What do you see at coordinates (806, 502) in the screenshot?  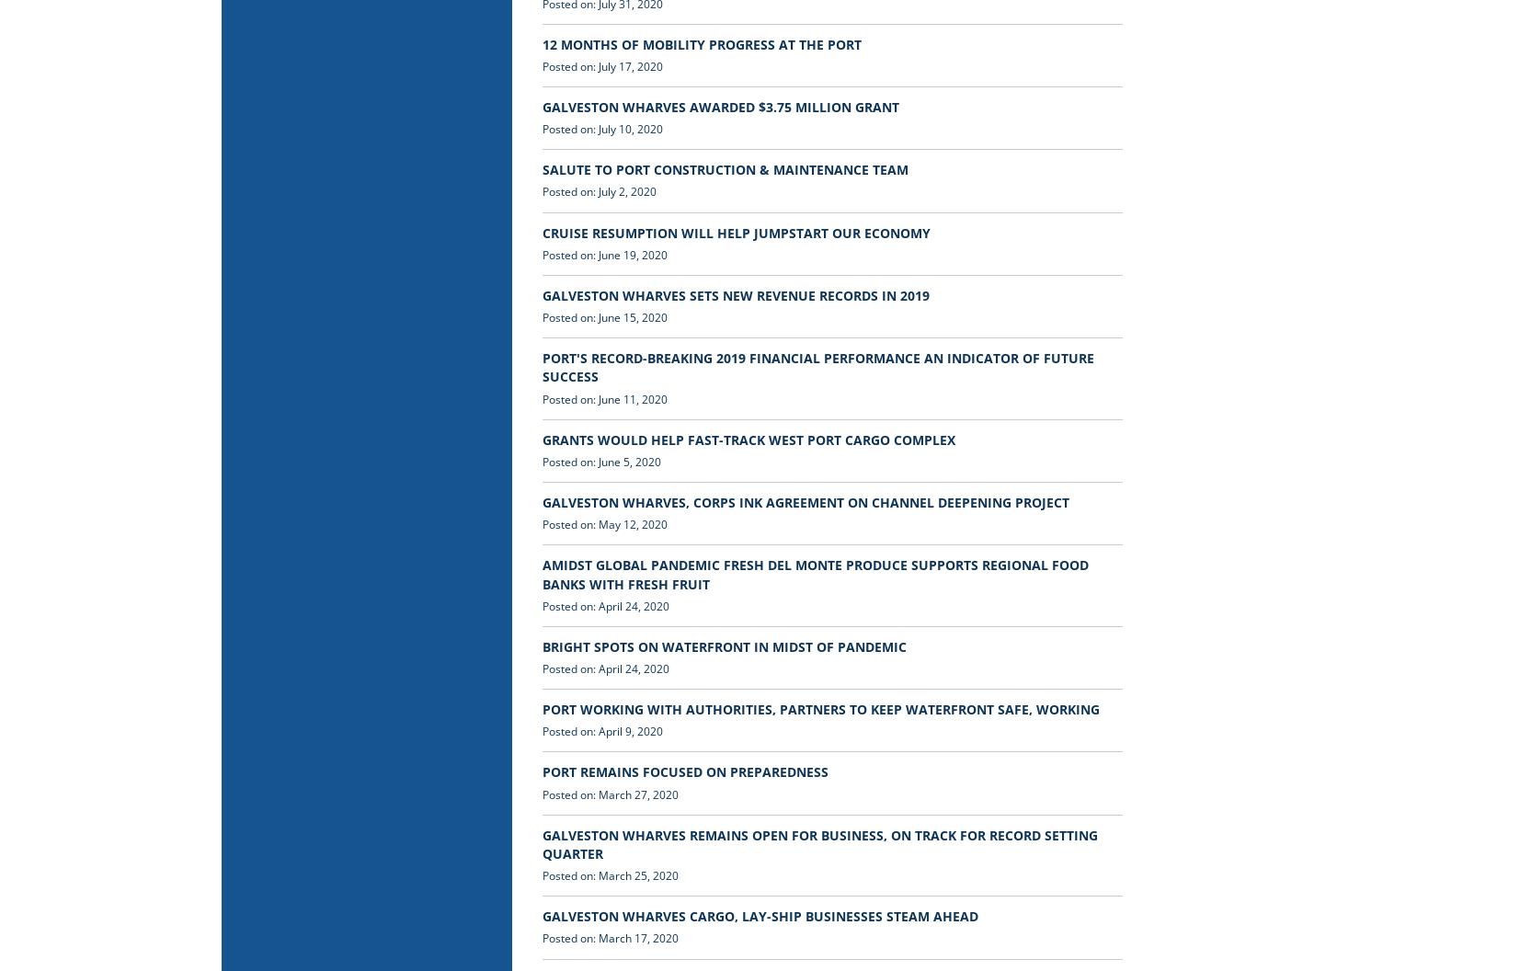 I see `'GALVESTON WHARVES, CORPS INK AGREEMENT ON CHANNEL DEEPENING PROJECT'` at bounding box center [806, 502].